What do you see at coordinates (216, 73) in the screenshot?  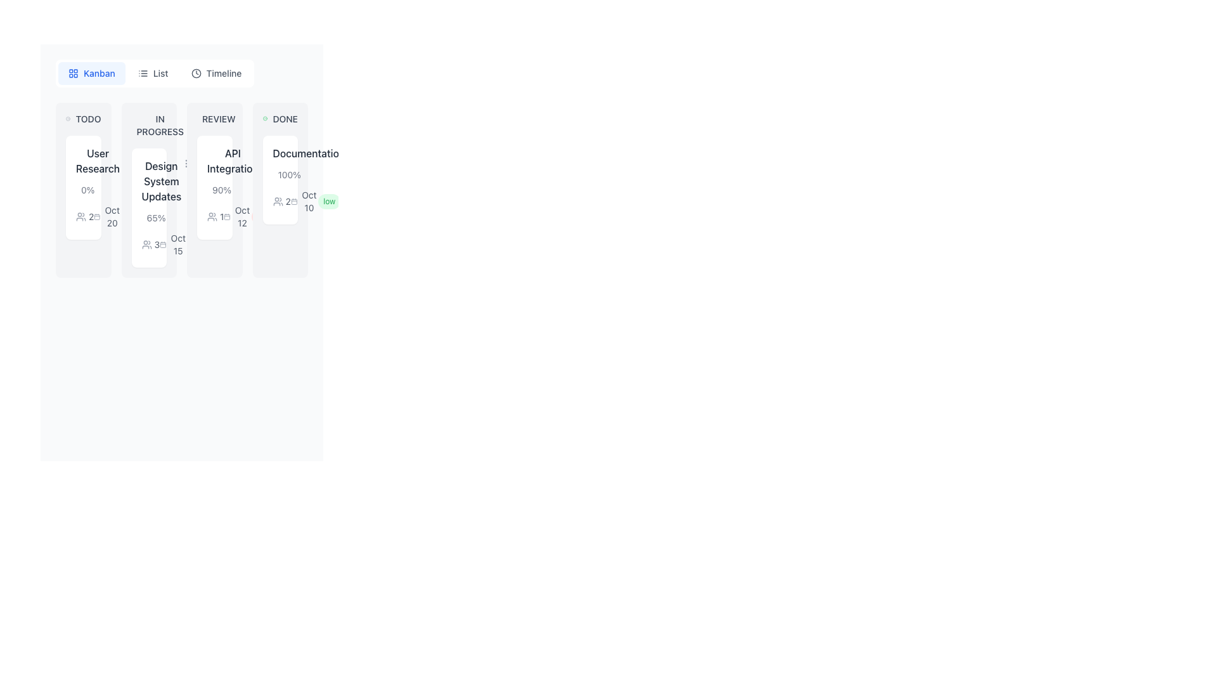 I see `the 'Timeline' button, which is the rightmost button in a group of three` at bounding box center [216, 73].